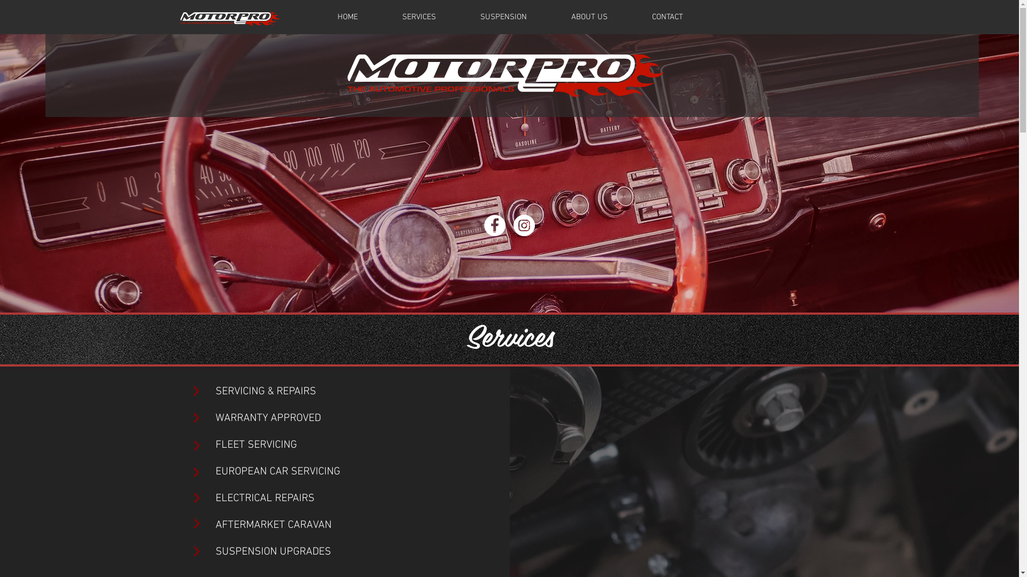 The width and height of the screenshot is (1027, 577). Describe the element at coordinates (502, 17) in the screenshot. I see `'SUSPENSION'` at that location.